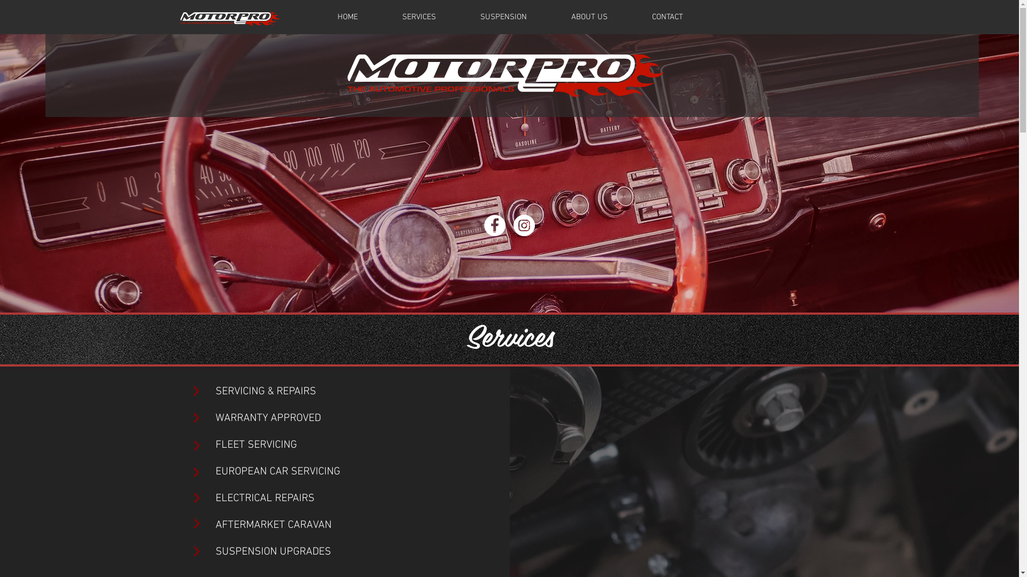 The width and height of the screenshot is (1027, 577). Describe the element at coordinates (502, 17) in the screenshot. I see `'SUSPENSION'` at that location.